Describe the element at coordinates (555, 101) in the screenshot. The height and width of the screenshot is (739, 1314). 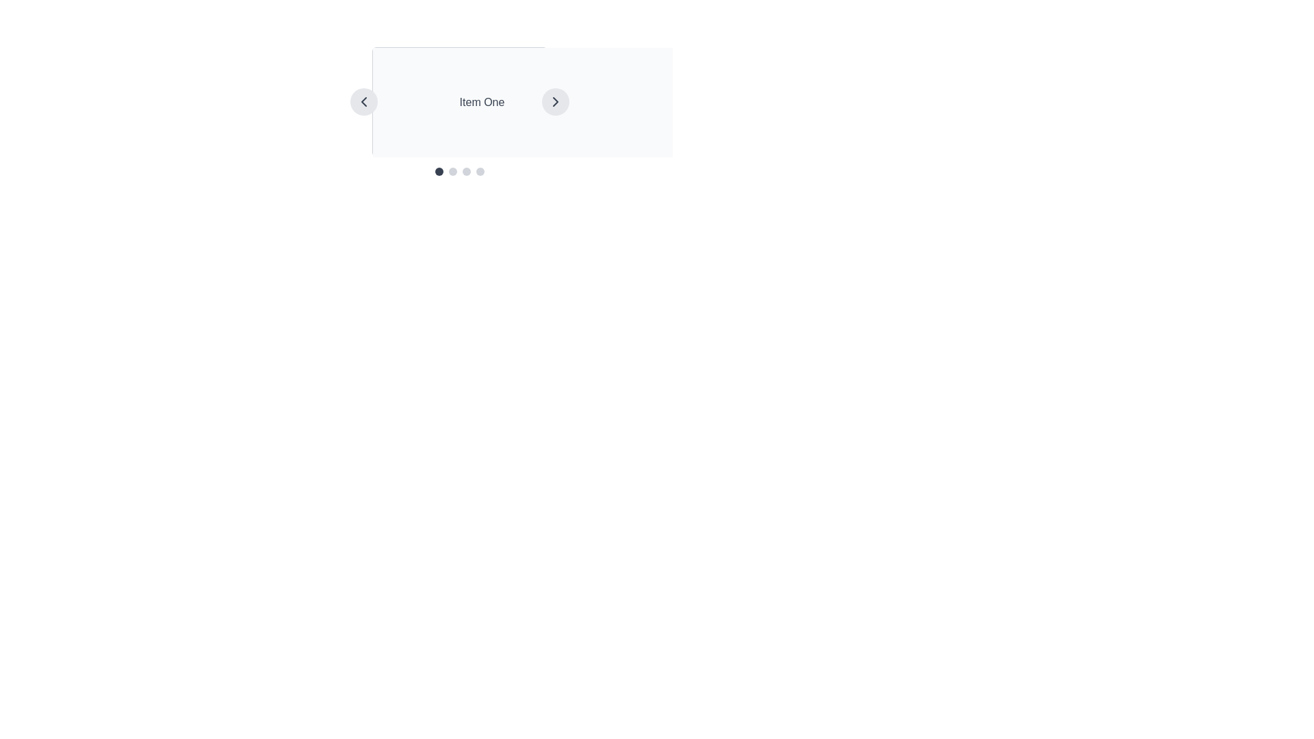
I see `the right-pointing chevron icon, which is styled in dark gray and located inside a circular button on the right of the content carousel interface` at that location.